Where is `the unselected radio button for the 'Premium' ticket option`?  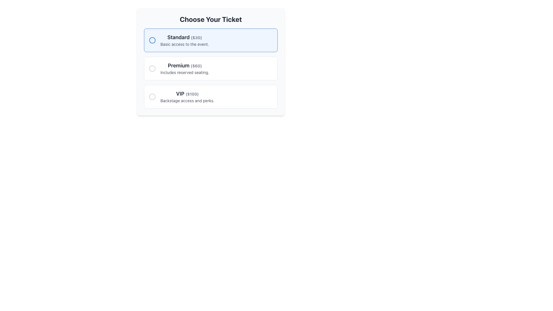
the unselected radio button for the 'Premium' ticket option is located at coordinates (152, 68).